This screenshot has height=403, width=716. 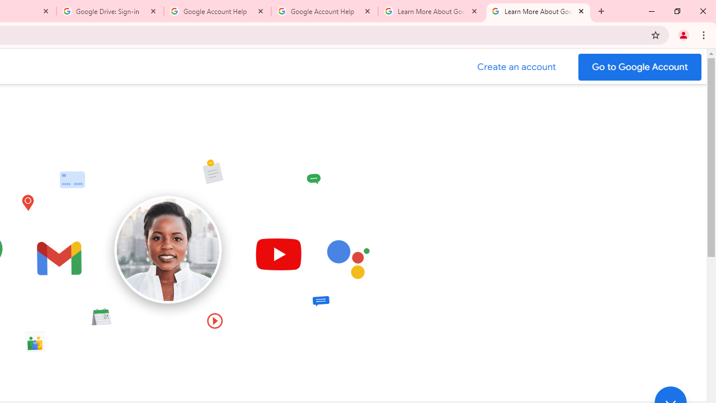 I want to click on 'Google Account Help', so click(x=218, y=11).